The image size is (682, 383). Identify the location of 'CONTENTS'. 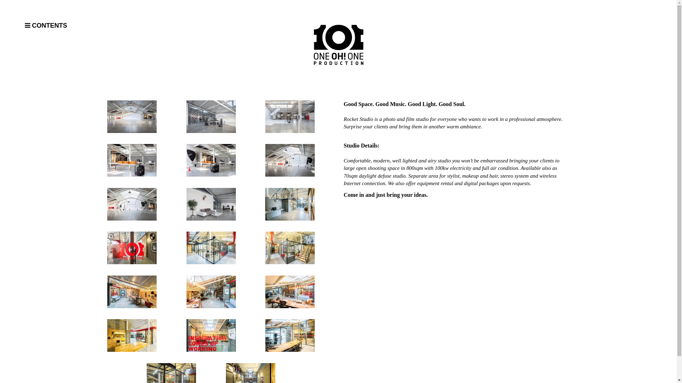
(69, 26).